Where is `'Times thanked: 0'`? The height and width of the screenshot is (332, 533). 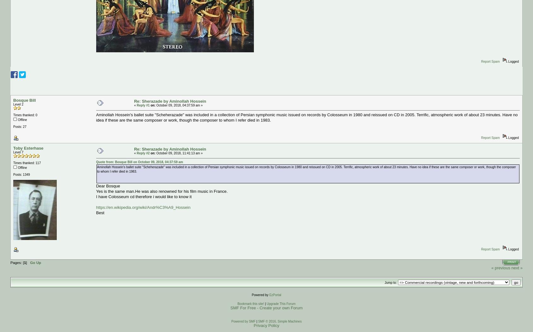
'Times thanked: 0' is located at coordinates (25, 115).